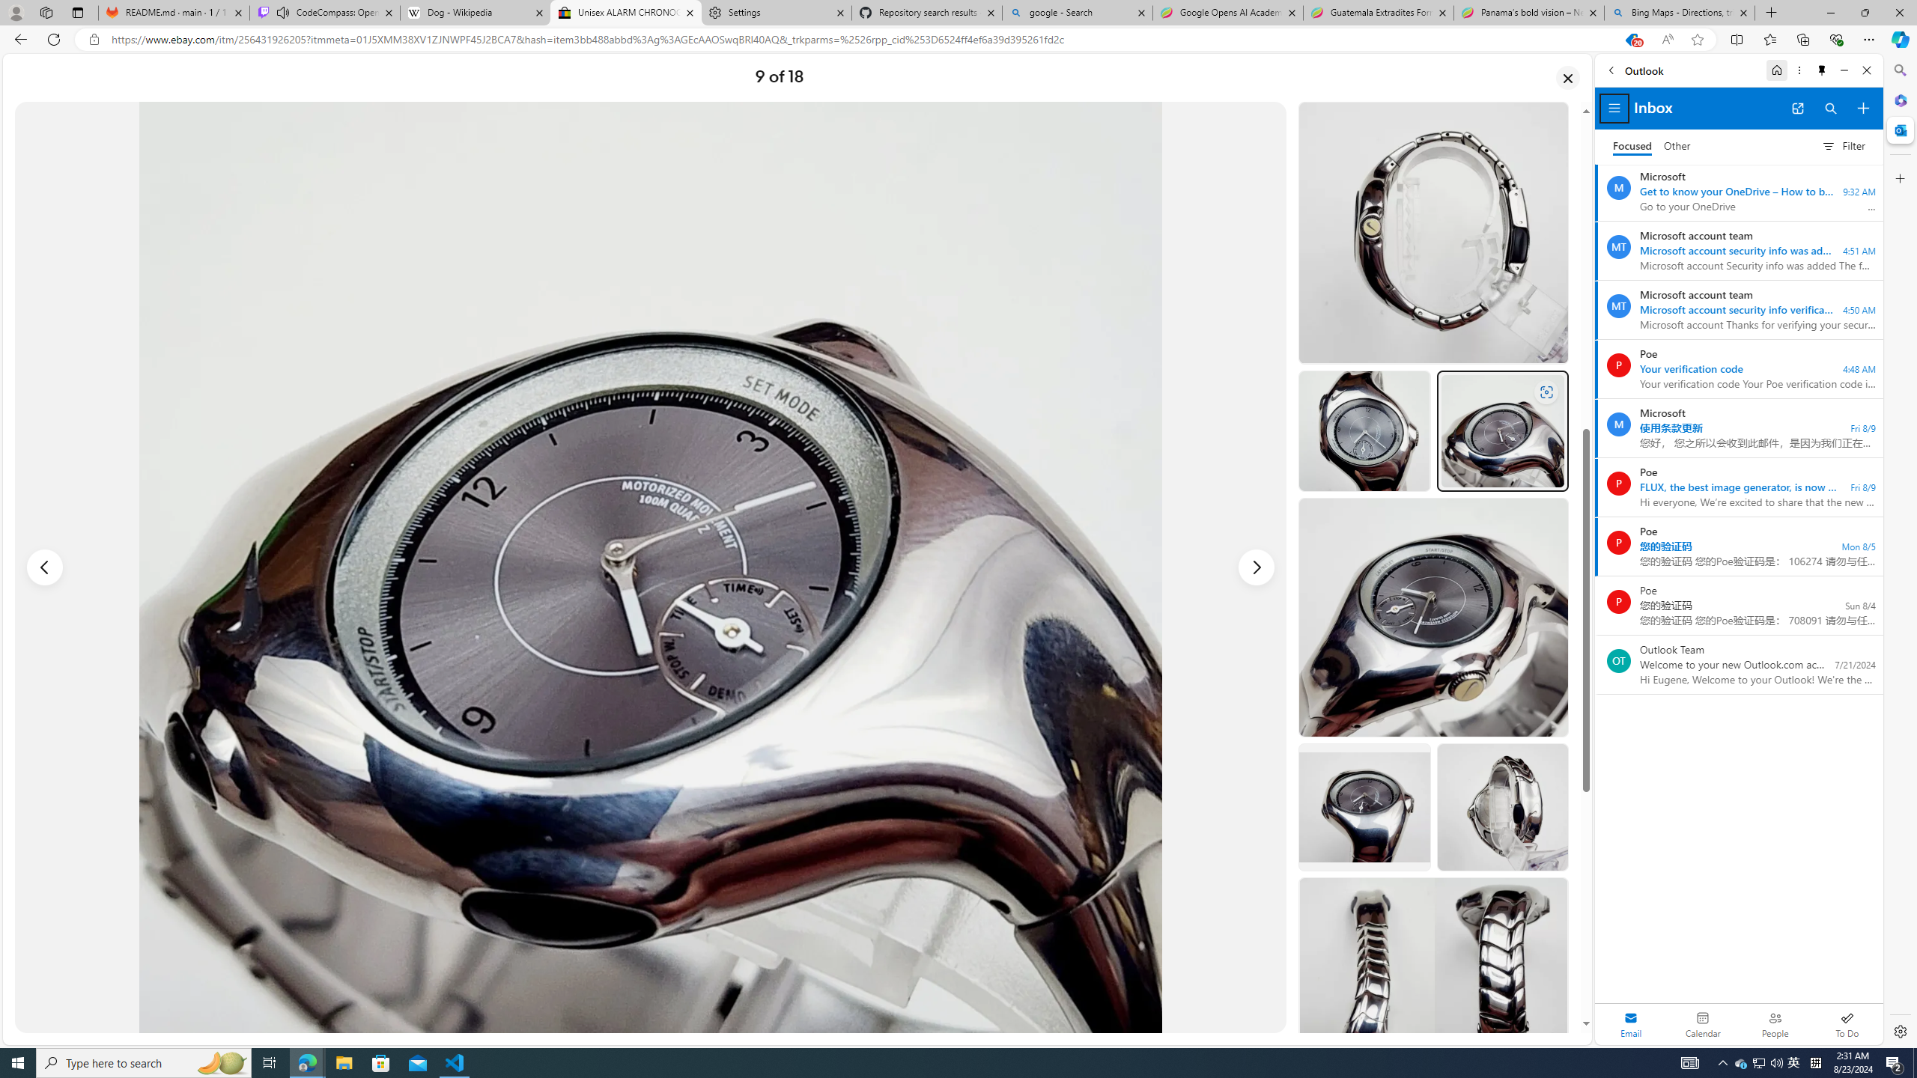 The height and width of the screenshot is (1078, 1917). I want to click on 'Mute tab', so click(283, 11).